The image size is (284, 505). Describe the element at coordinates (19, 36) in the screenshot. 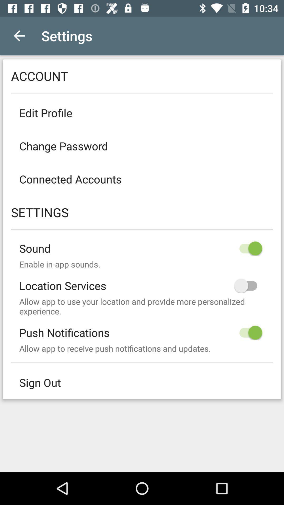

I see `the item next to the settings` at that location.